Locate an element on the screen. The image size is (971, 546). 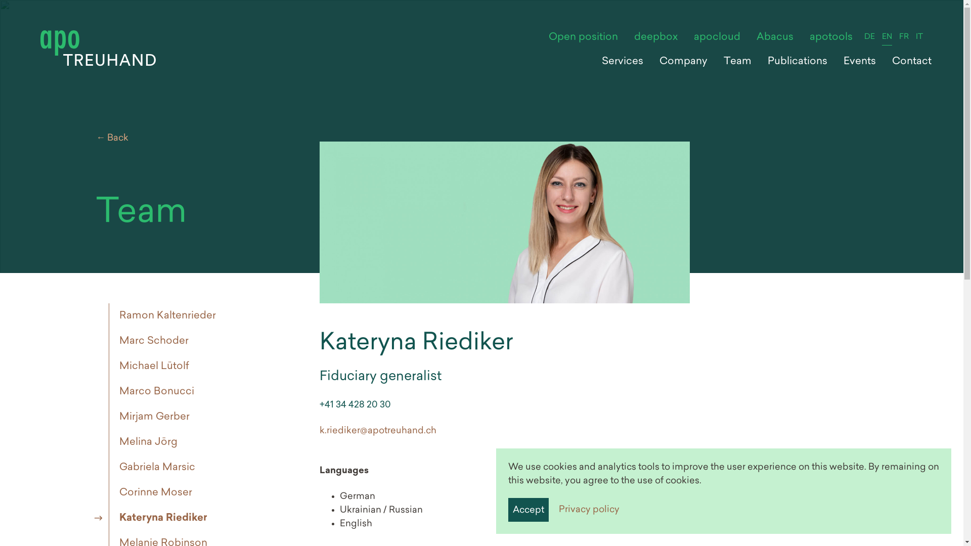
'apocloud' is located at coordinates (716, 36).